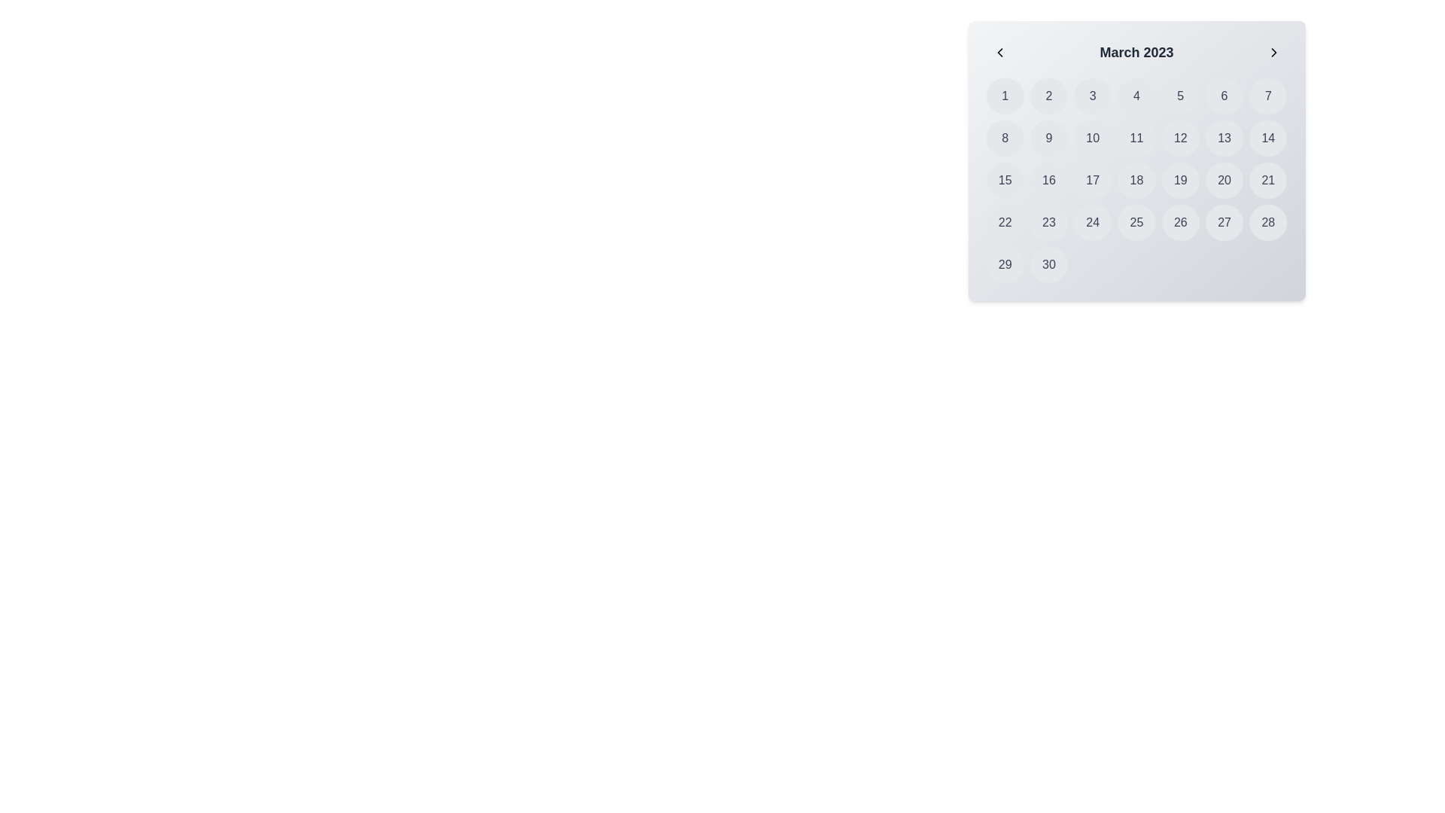  Describe the element at coordinates (1048, 263) in the screenshot. I see `the button representing the date '30' in the March 2023 date grid` at that location.